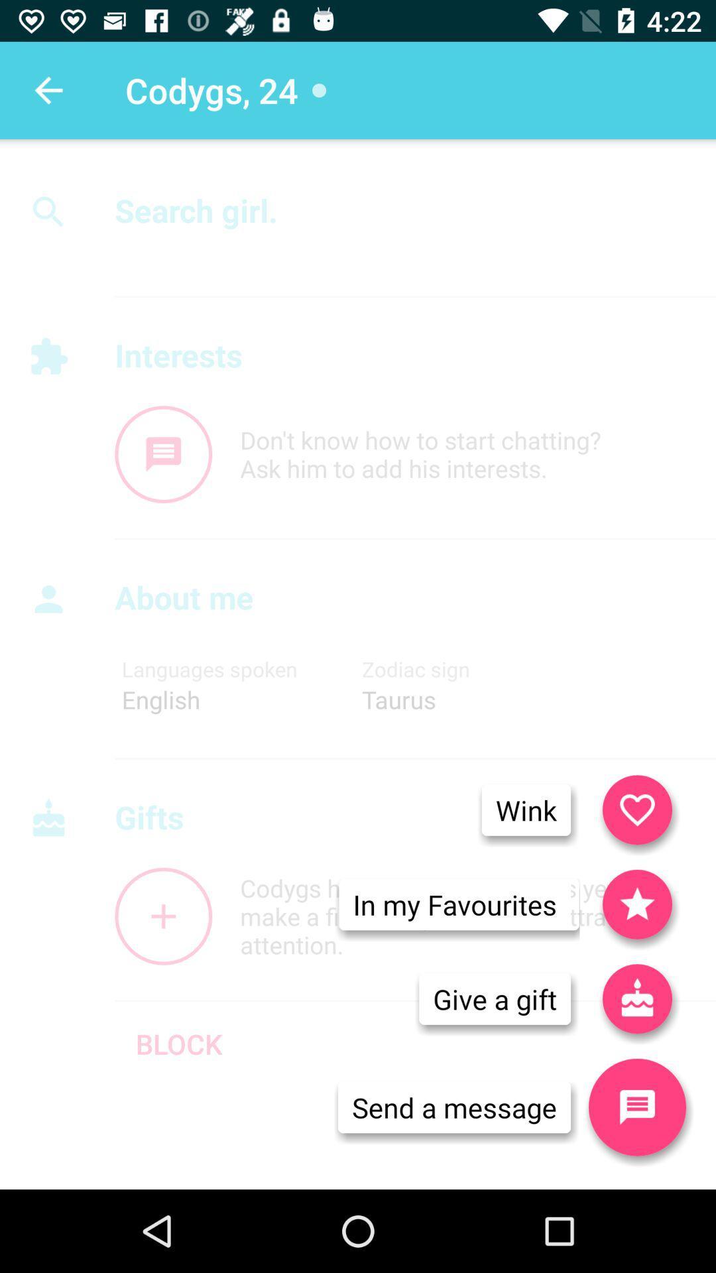  Describe the element at coordinates (636, 999) in the screenshot. I see `icon to the right of the in my favourites` at that location.